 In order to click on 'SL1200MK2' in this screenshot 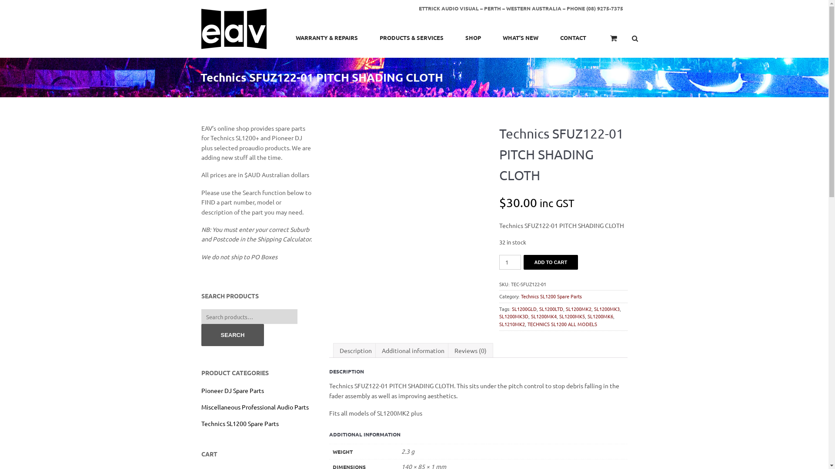, I will do `click(578, 308)`.